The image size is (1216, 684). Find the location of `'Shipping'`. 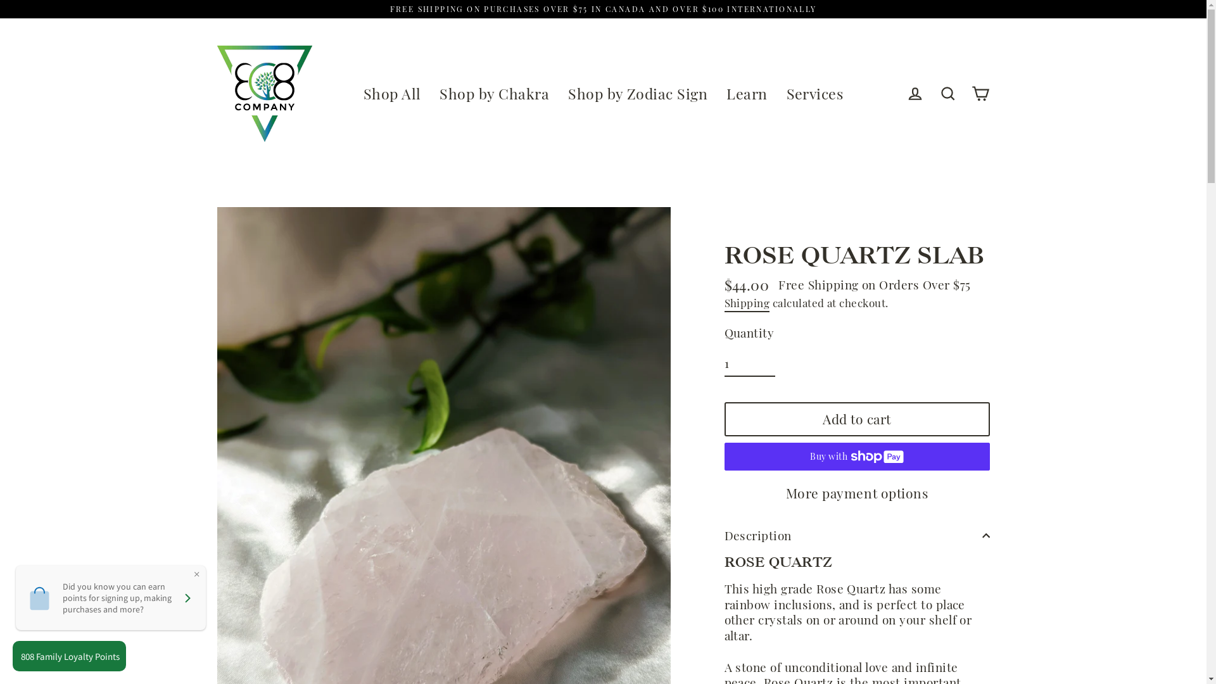

'Shipping' is located at coordinates (724, 303).